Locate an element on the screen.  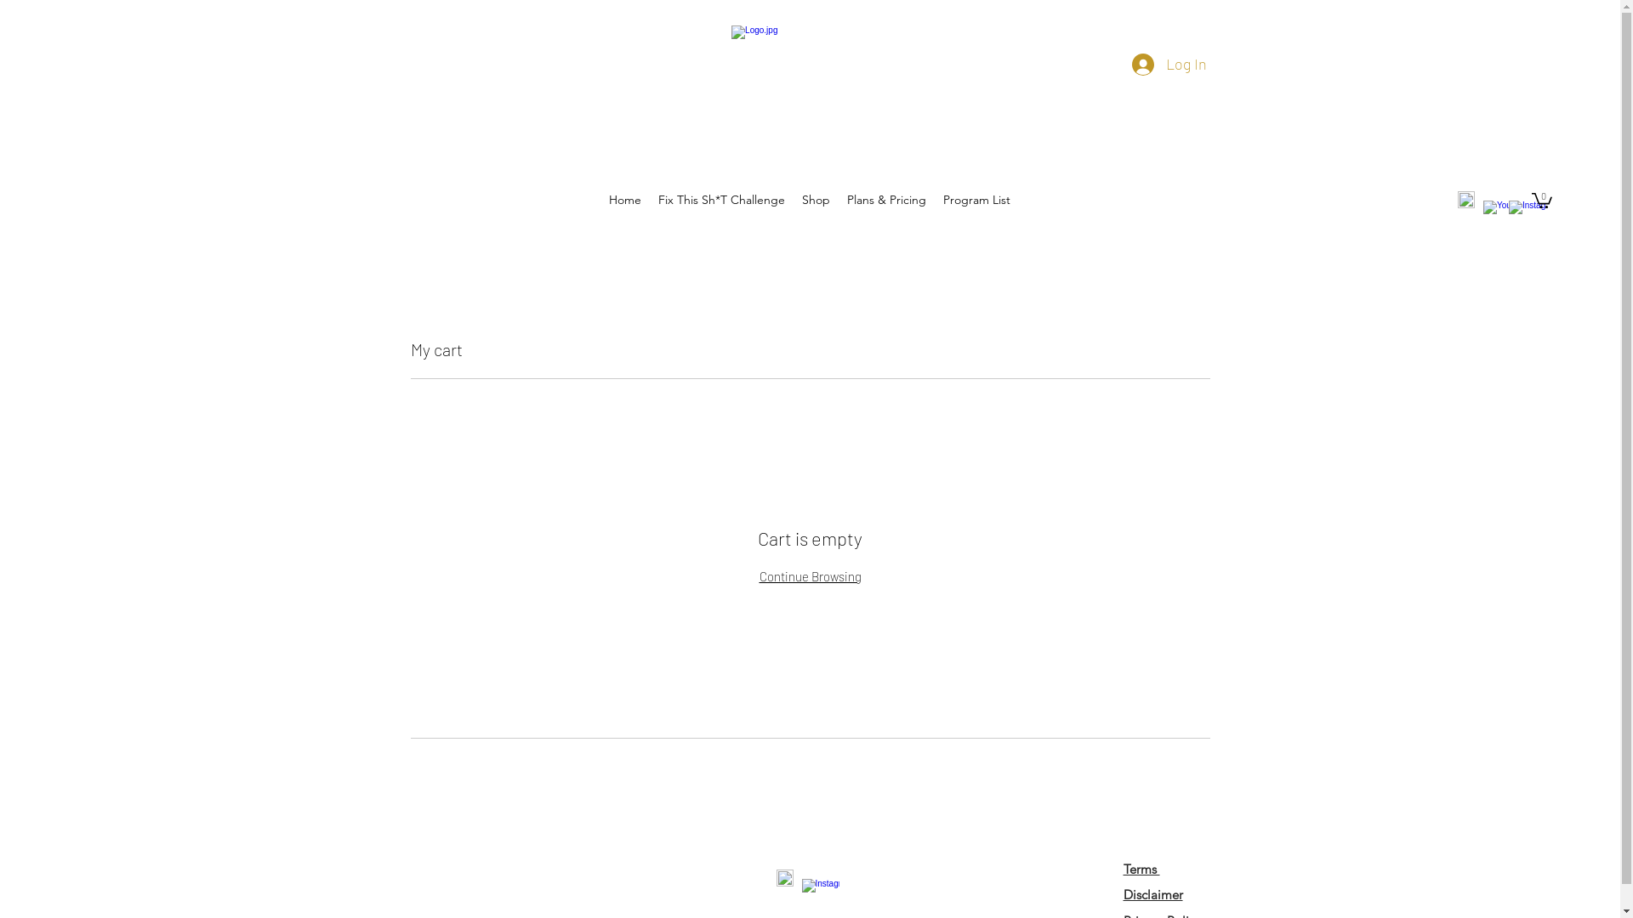
'Home' is located at coordinates (600, 199).